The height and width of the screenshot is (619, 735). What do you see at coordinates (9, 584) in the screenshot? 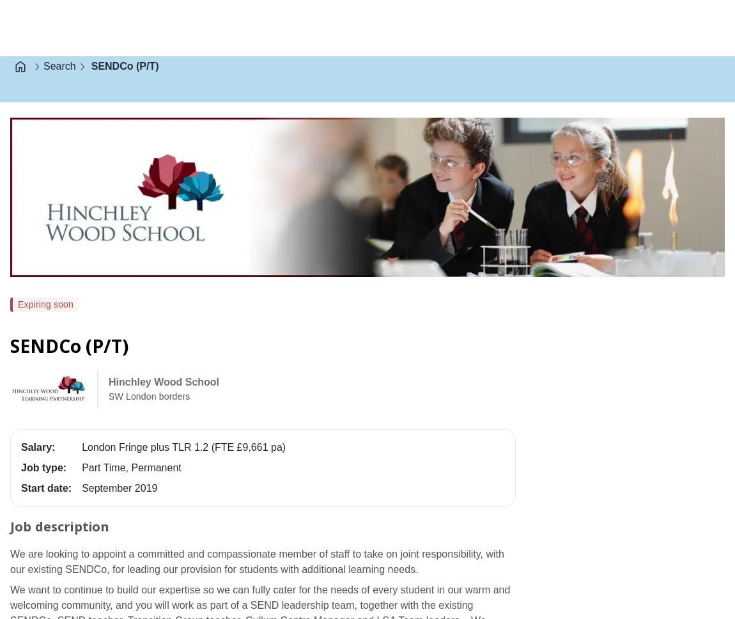
I see `'Hinchley Wood School’s motto is “Caring for ourselves, each other, the environment and the future”. The school aims for every student to be determined to work hard, have independence and be confident. This will hopefully help them to grow as individuals. Teachers aim to make students enthusiastic about learning and are expected to help them achieve the best possible results and discover their talents.'` at bounding box center [9, 584].